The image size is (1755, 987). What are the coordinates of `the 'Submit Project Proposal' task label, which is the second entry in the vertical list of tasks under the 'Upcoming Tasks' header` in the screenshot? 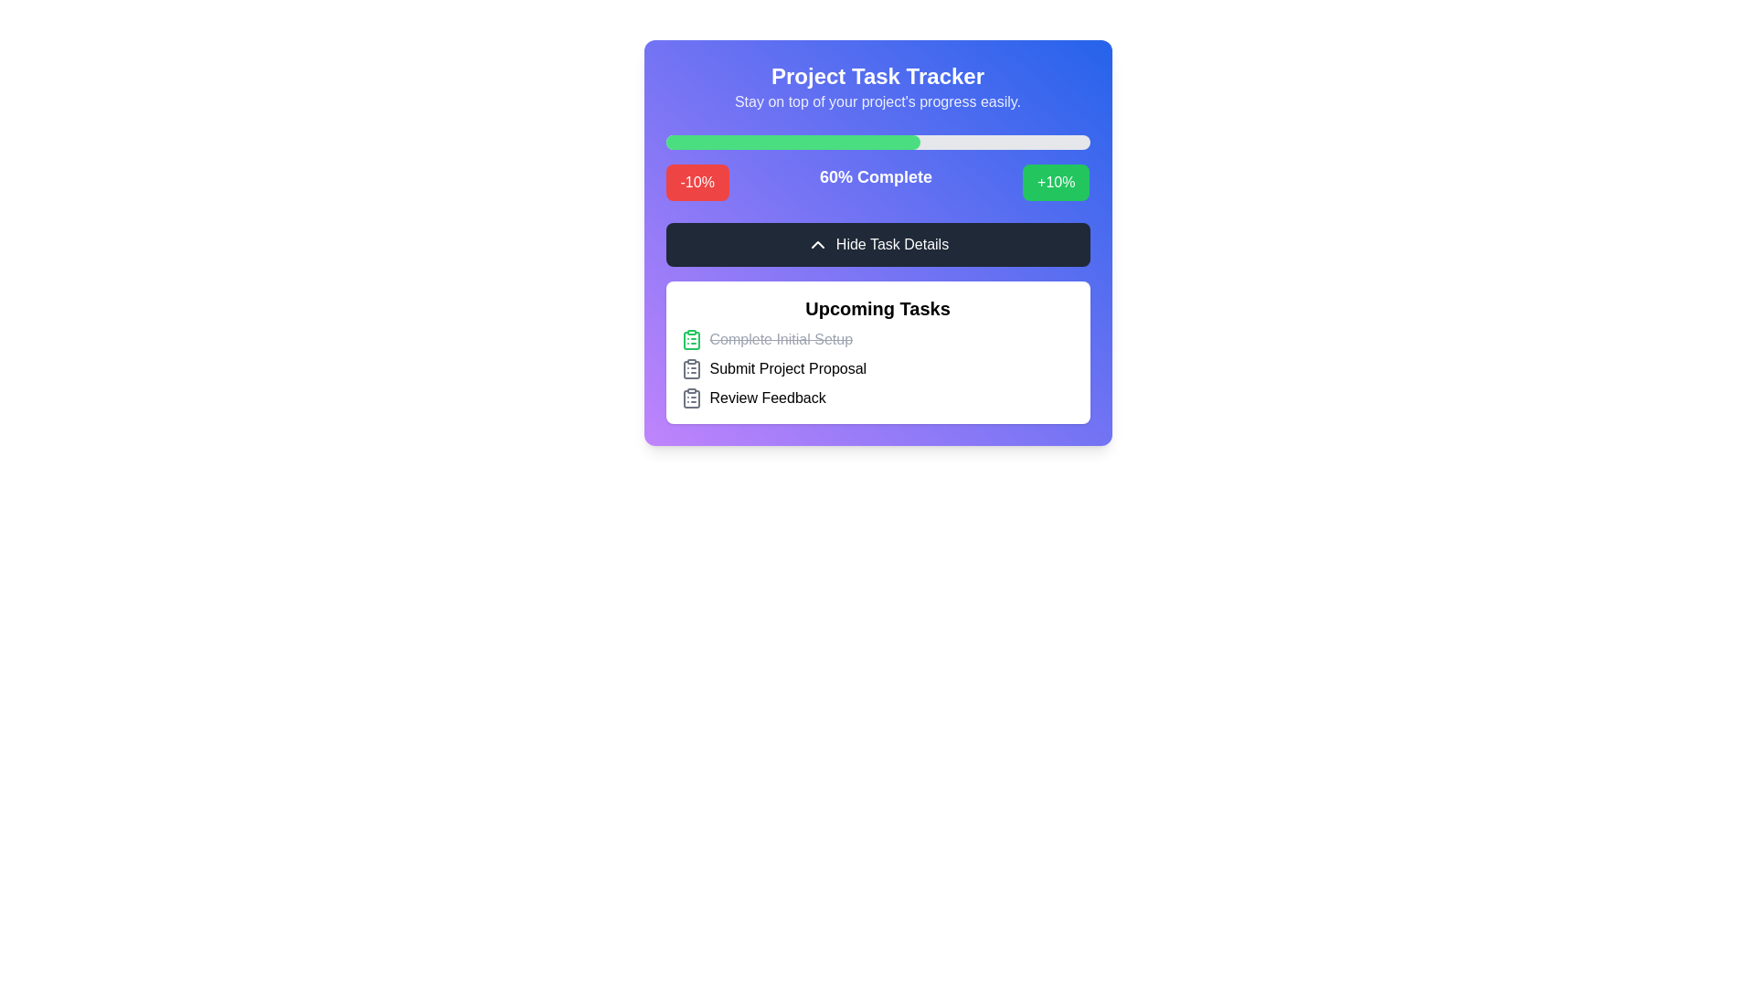 It's located at (788, 369).